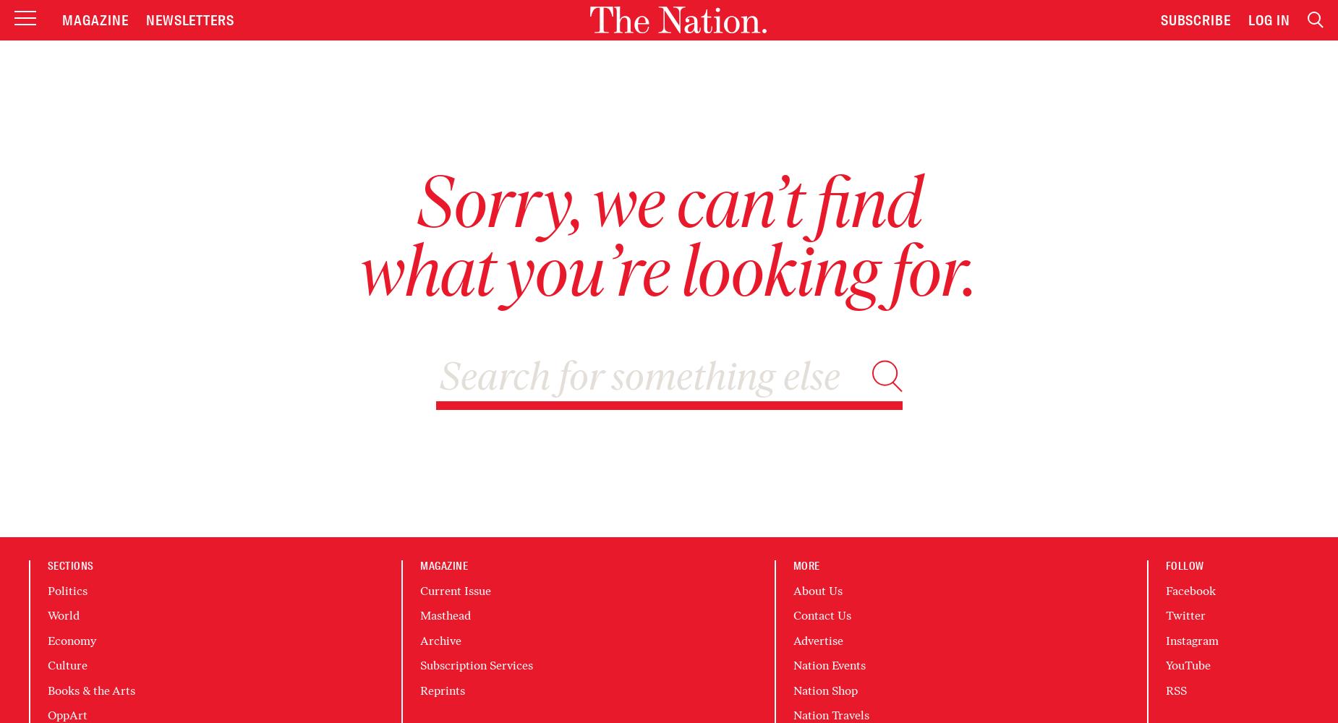 Image resolution: width=1338 pixels, height=723 pixels. I want to click on 'Current Issue', so click(455, 590).